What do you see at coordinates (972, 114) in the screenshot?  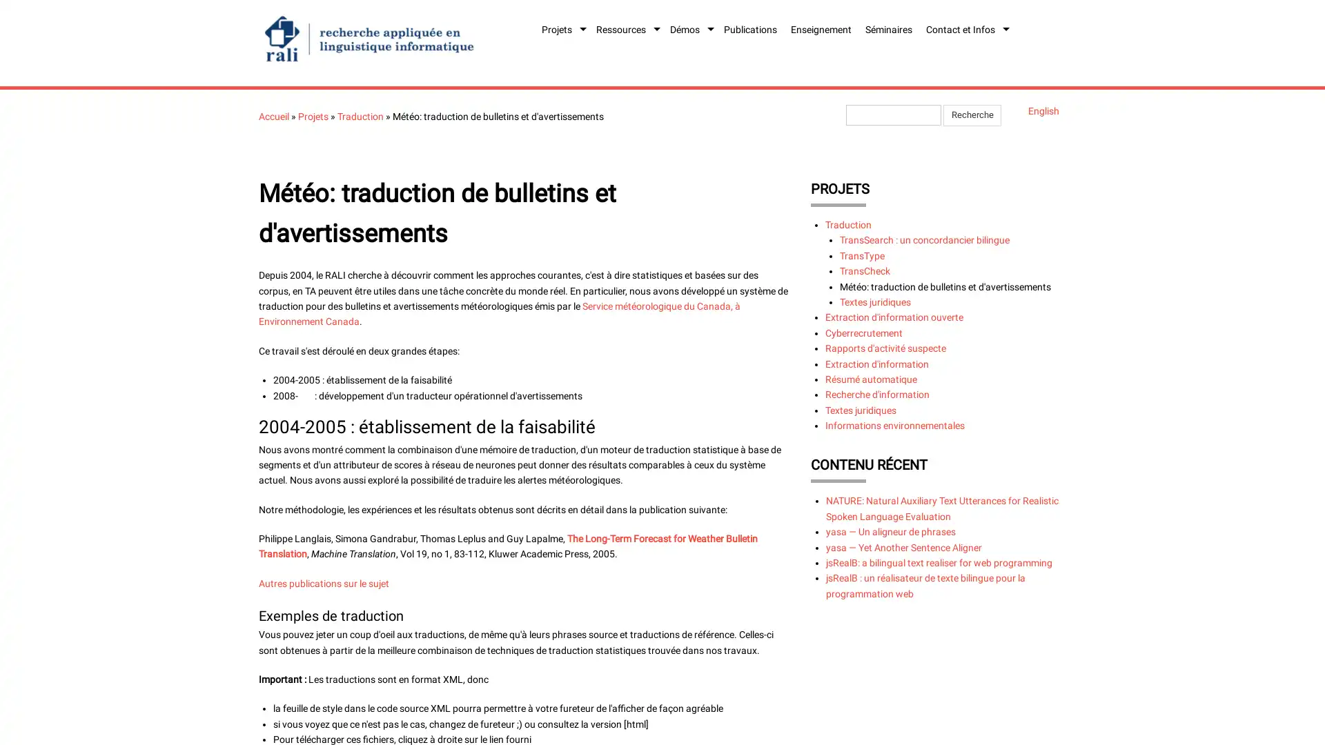 I see `Recherche` at bounding box center [972, 114].